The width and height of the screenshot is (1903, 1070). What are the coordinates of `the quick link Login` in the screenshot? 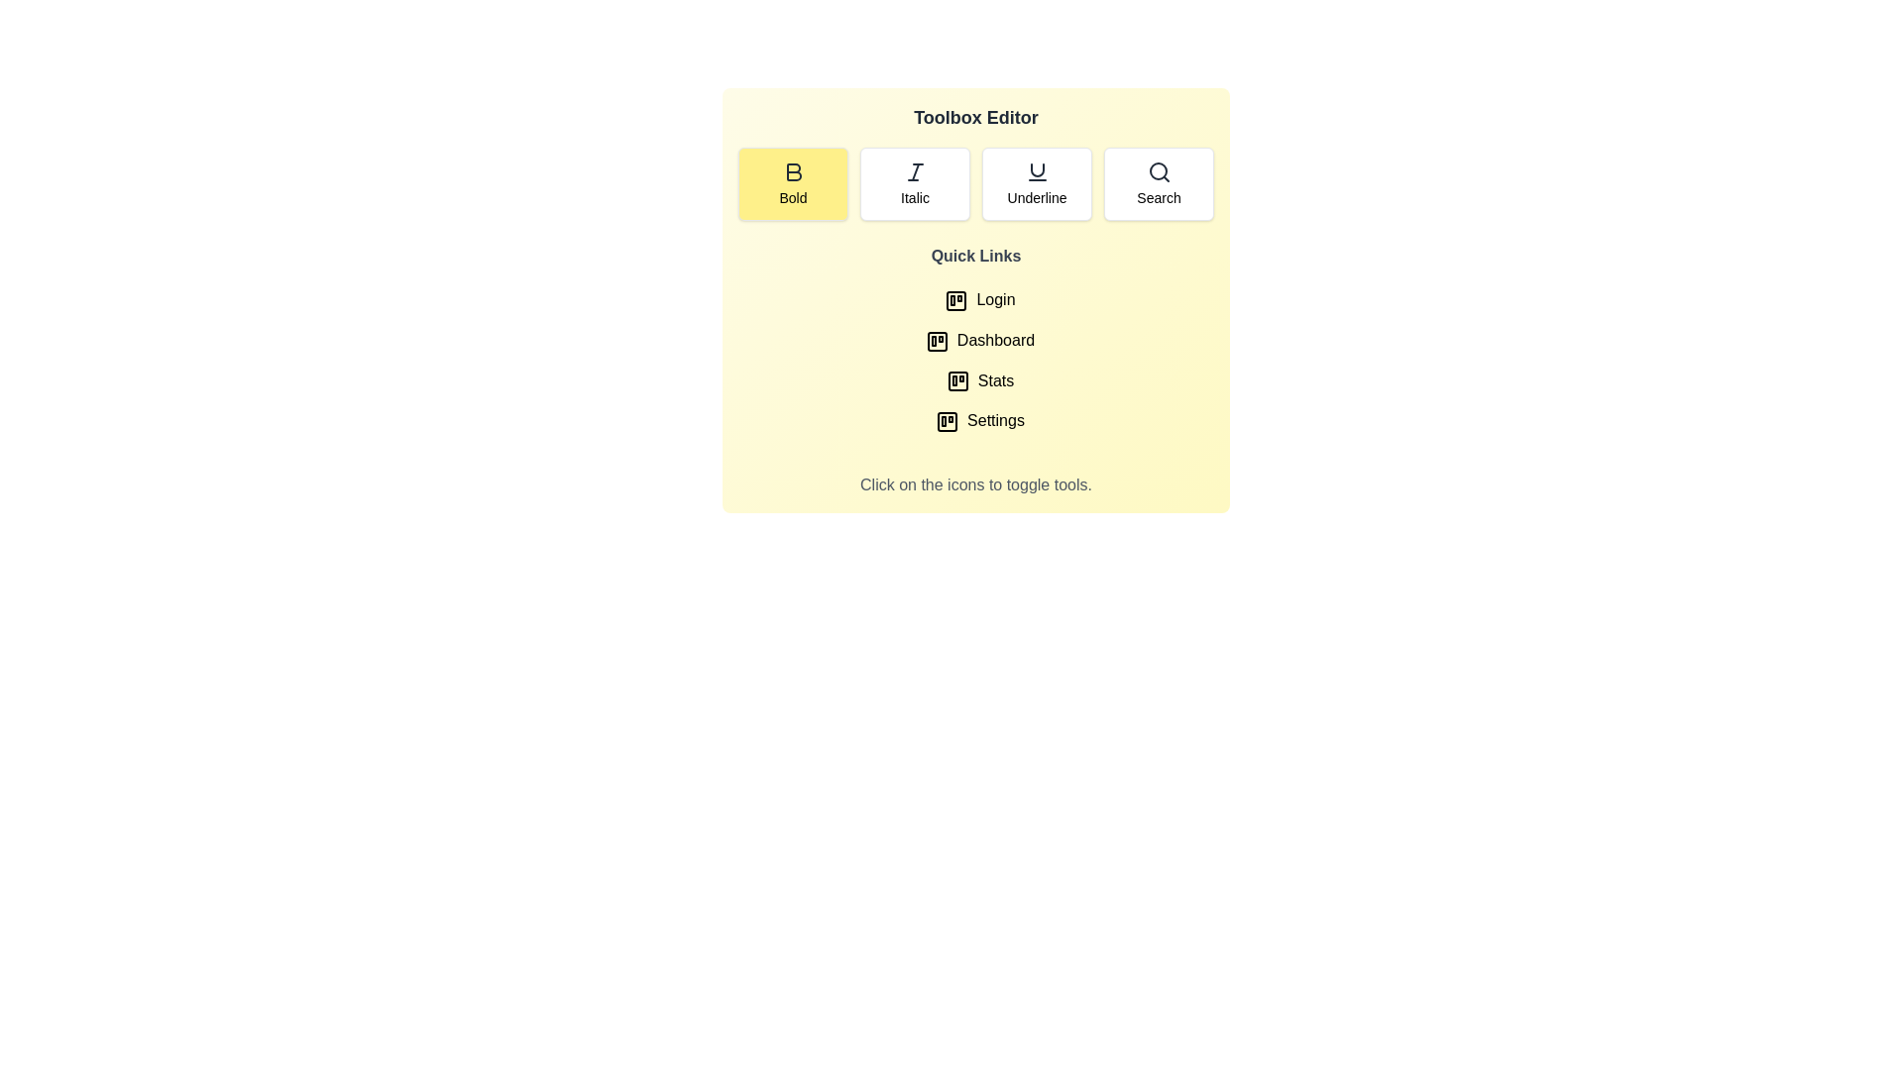 It's located at (975, 300).